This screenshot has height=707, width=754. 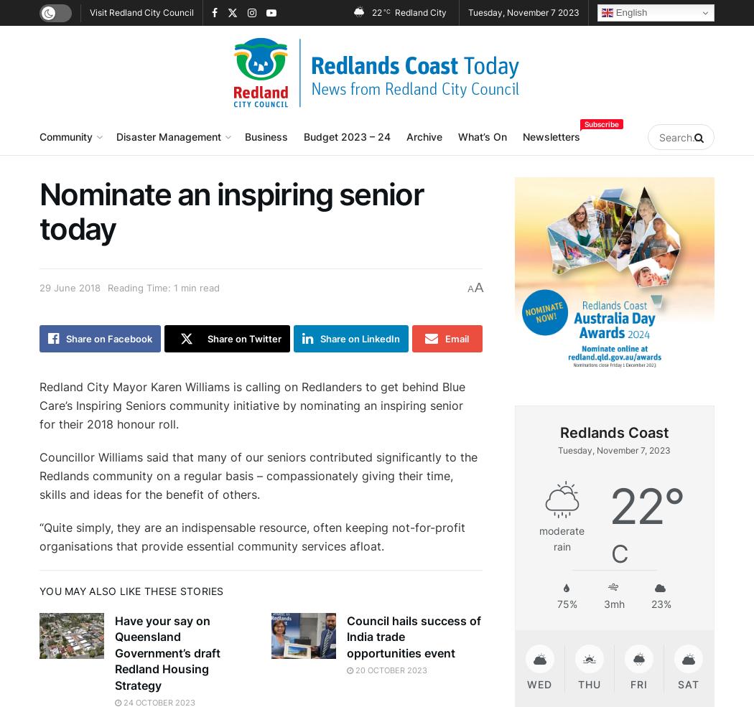 What do you see at coordinates (596, 685) in the screenshot?
I see `'18'` at bounding box center [596, 685].